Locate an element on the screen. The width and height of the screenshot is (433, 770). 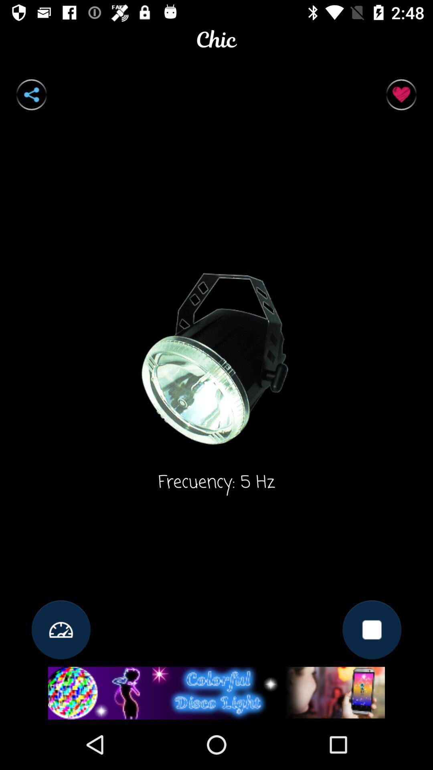
sharing function is located at coordinates (31, 95).